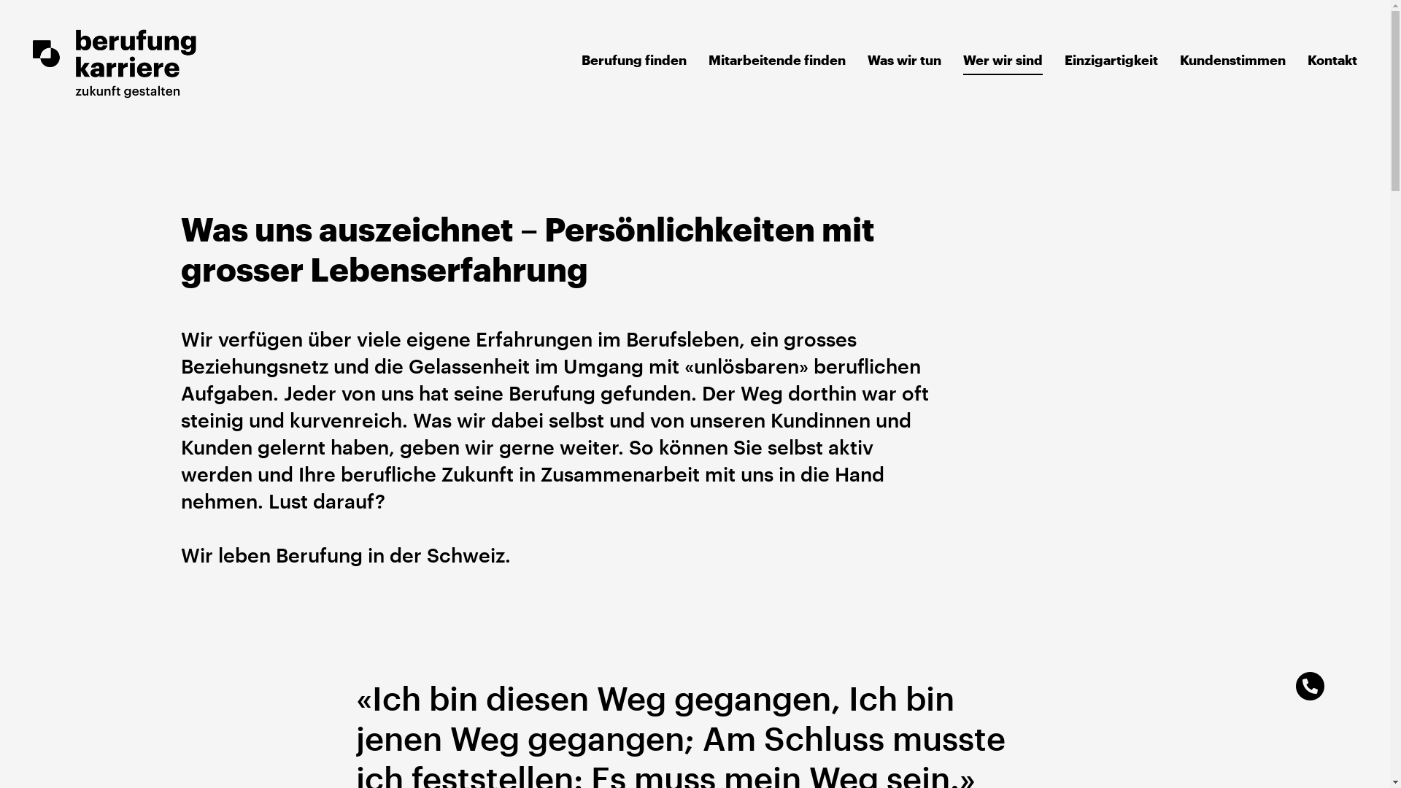 The image size is (1401, 788). Describe the element at coordinates (1002, 63) in the screenshot. I see `'Wer wir sind'` at that location.